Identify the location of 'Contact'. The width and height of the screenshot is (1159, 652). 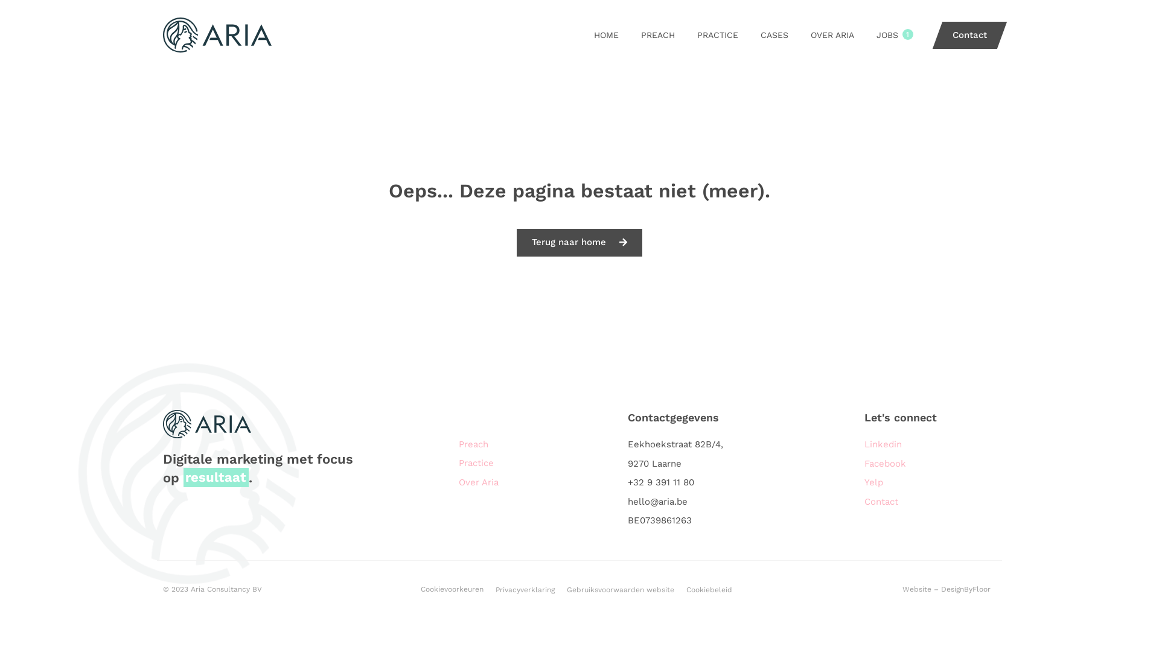
(922, 502).